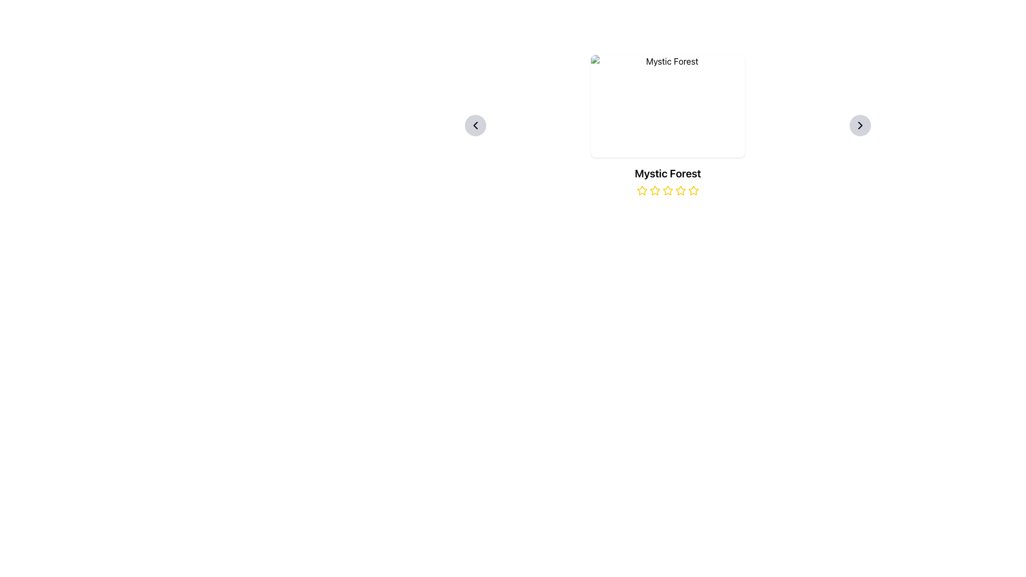  I want to click on the first yellow star icon in the rating component beneath the text 'Mystic Forest', so click(641, 189).